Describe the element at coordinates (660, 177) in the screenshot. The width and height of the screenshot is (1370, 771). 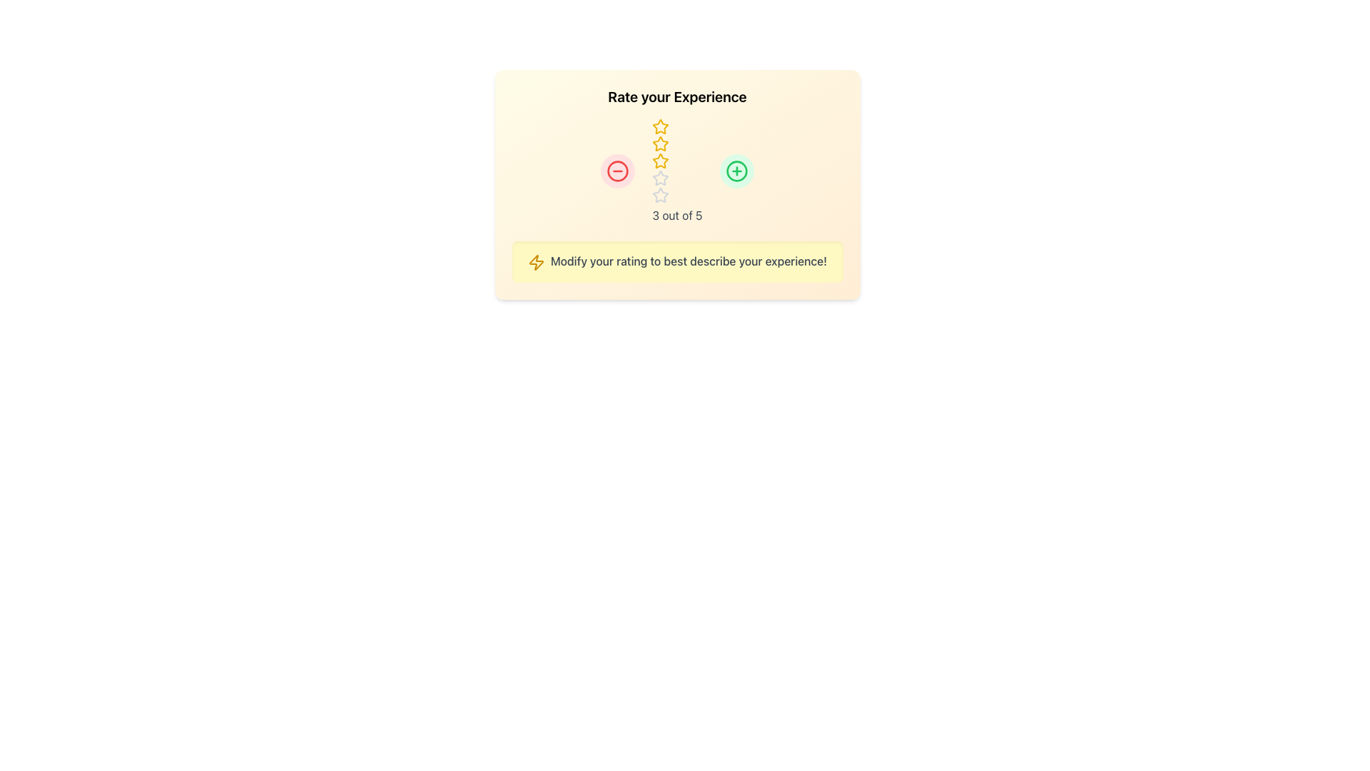
I see `the third star icon in the 5-star rating system` at that location.